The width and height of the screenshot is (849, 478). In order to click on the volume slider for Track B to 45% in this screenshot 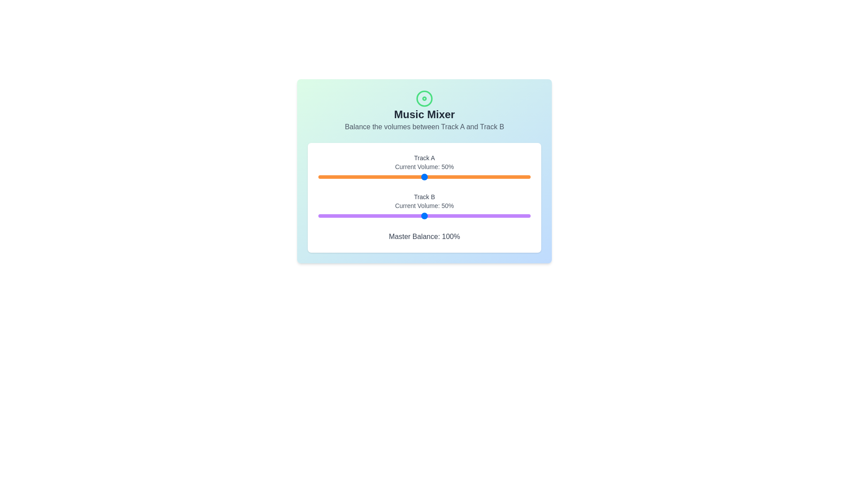, I will do `click(413, 216)`.